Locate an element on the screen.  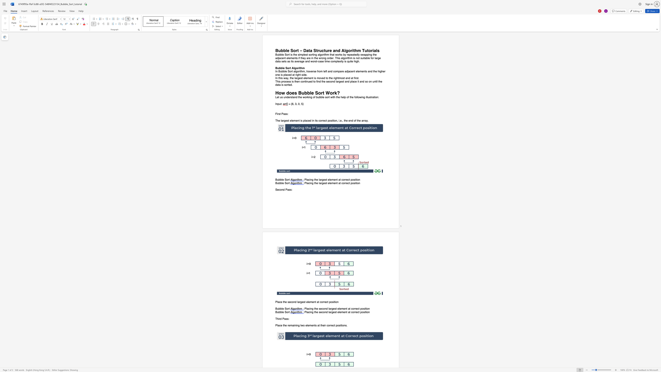
the 1th character "e" in the text is located at coordinates (278, 189).